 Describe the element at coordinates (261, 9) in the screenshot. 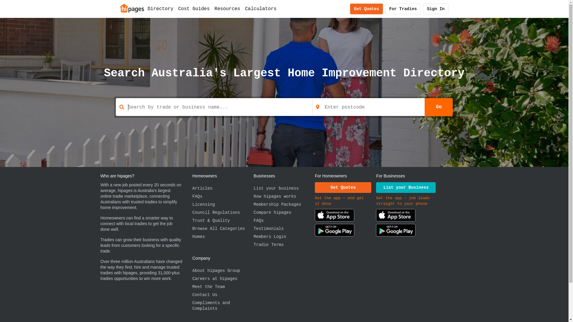

I see `'Calculators'` at that location.